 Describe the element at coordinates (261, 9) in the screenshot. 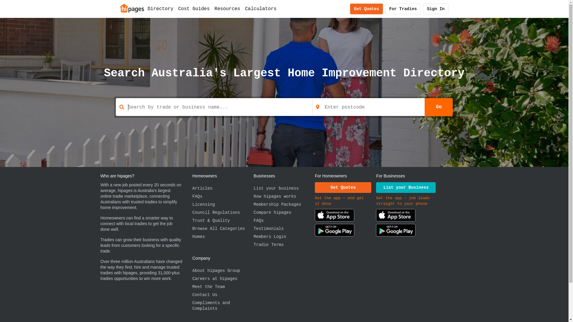

I see `'Calculators'` at that location.